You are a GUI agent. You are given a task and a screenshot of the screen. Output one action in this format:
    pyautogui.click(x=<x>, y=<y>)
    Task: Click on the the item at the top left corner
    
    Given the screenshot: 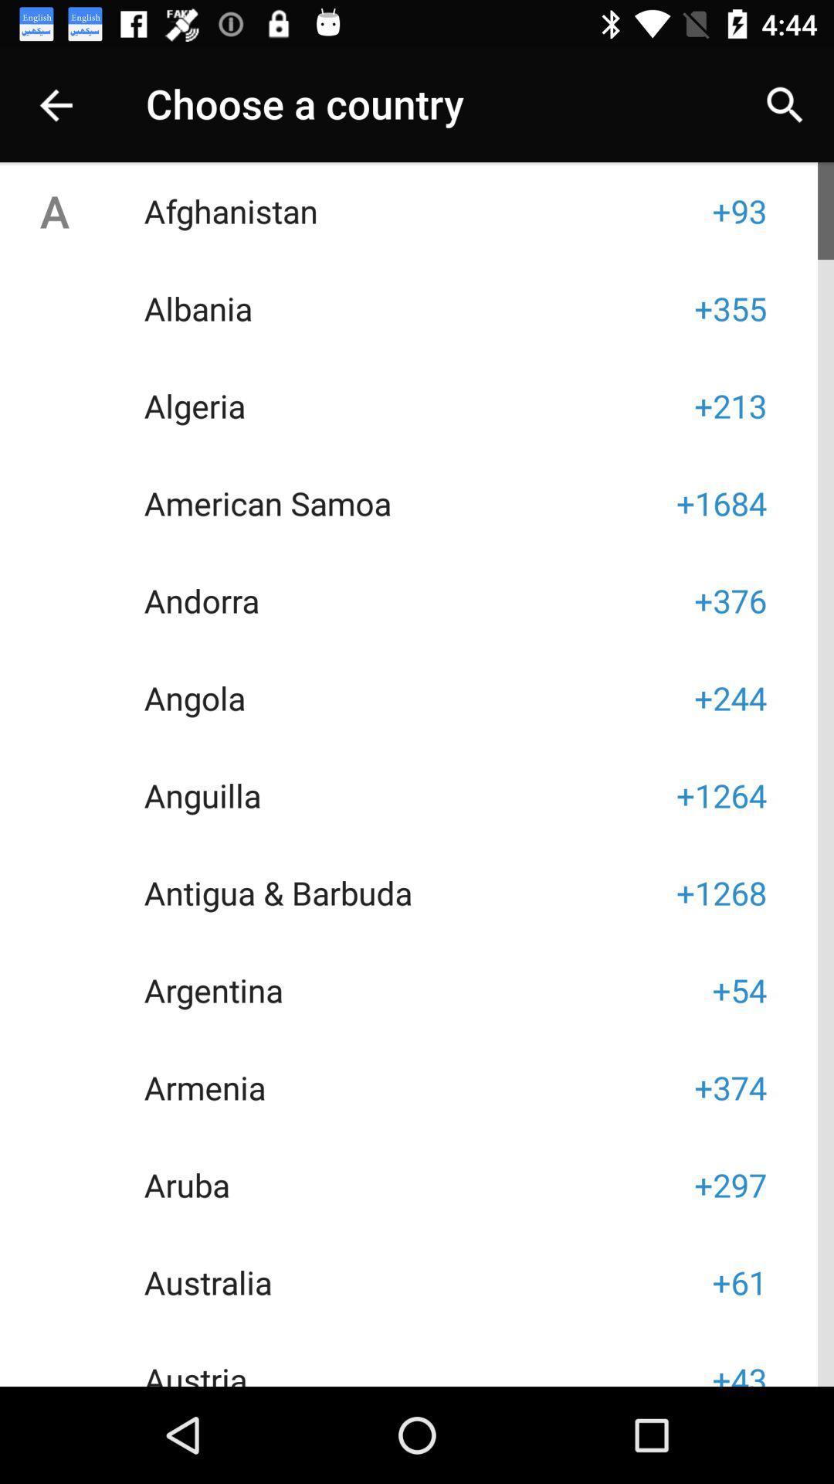 What is the action you would take?
    pyautogui.click(x=53, y=104)
    